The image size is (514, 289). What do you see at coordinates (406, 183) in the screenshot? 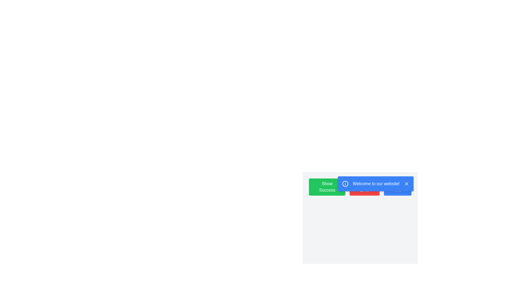
I see `the 'Close' button represented by an 'X' icon` at bounding box center [406, 183].